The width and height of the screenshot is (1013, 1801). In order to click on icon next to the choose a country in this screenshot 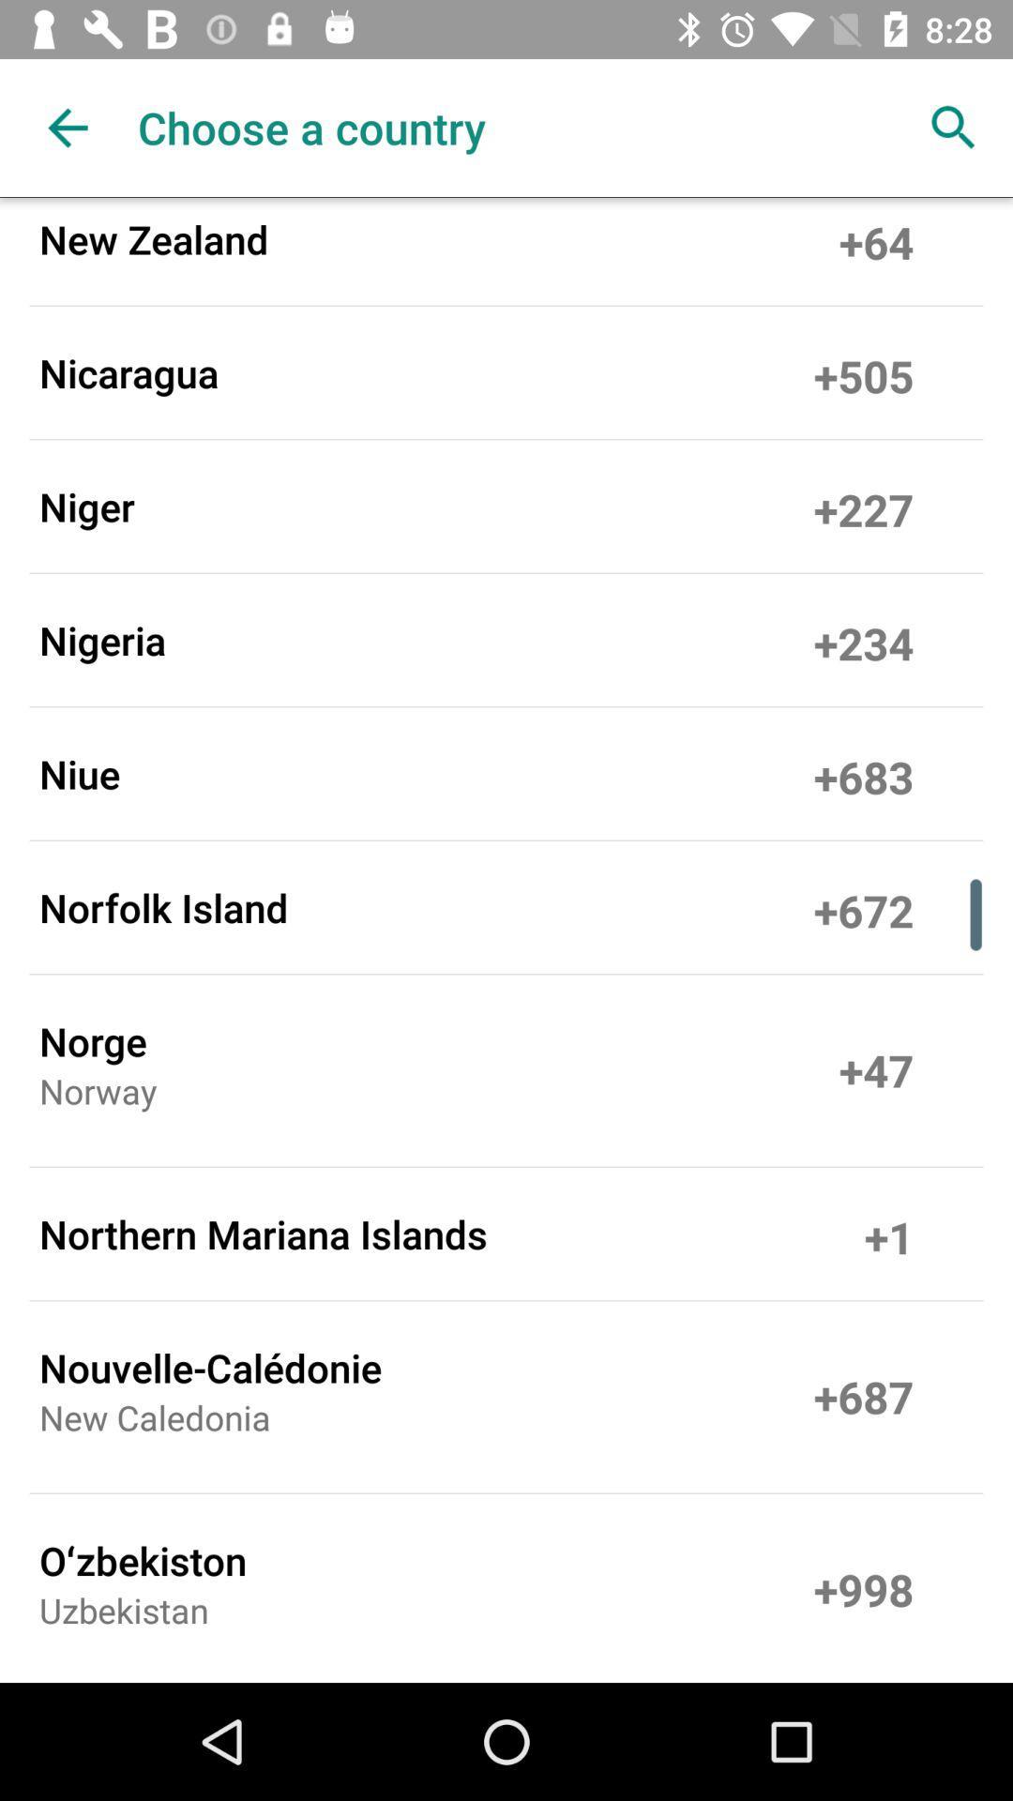, I will do `click(68, 127)`.